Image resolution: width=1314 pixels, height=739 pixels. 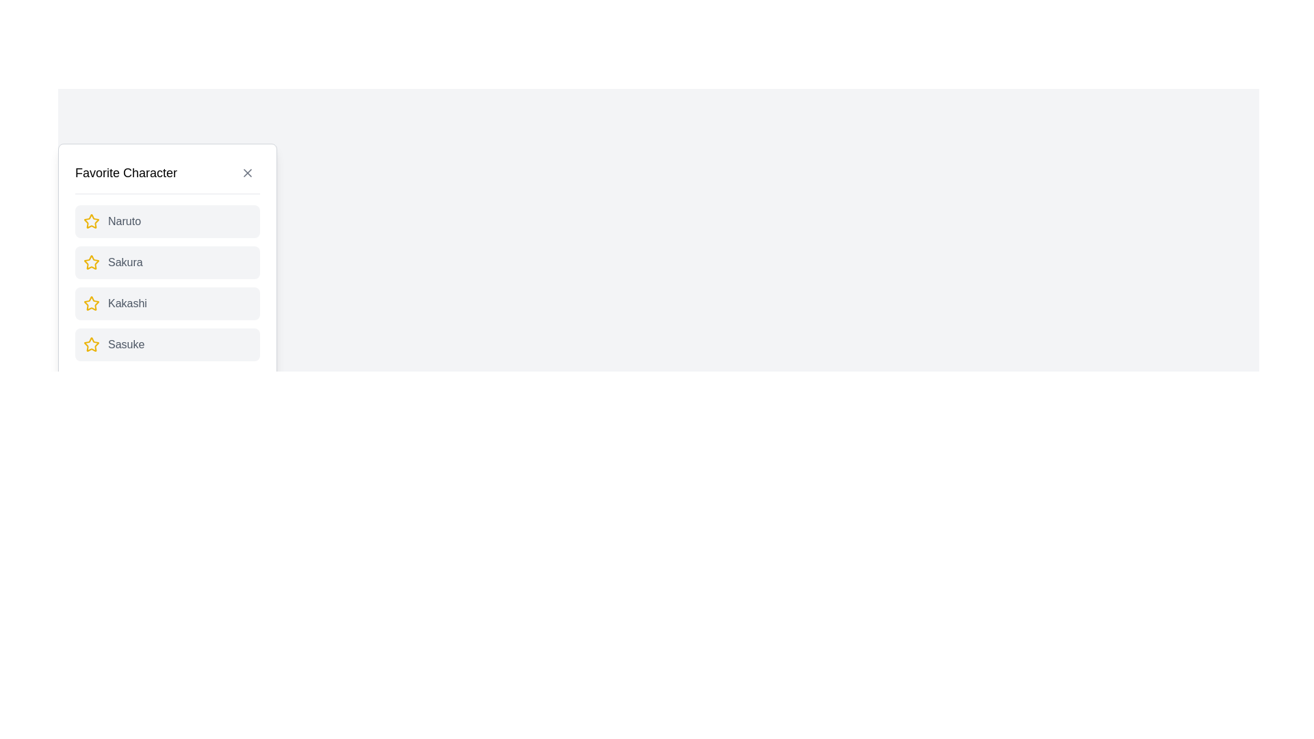 What do you see at coordinates (126, 172) in the screenshot?
I see `the 'Favorite Character' text header, which is styled in bold and located at the top of a card section, above a list of items` at bounding box center [126, 172].